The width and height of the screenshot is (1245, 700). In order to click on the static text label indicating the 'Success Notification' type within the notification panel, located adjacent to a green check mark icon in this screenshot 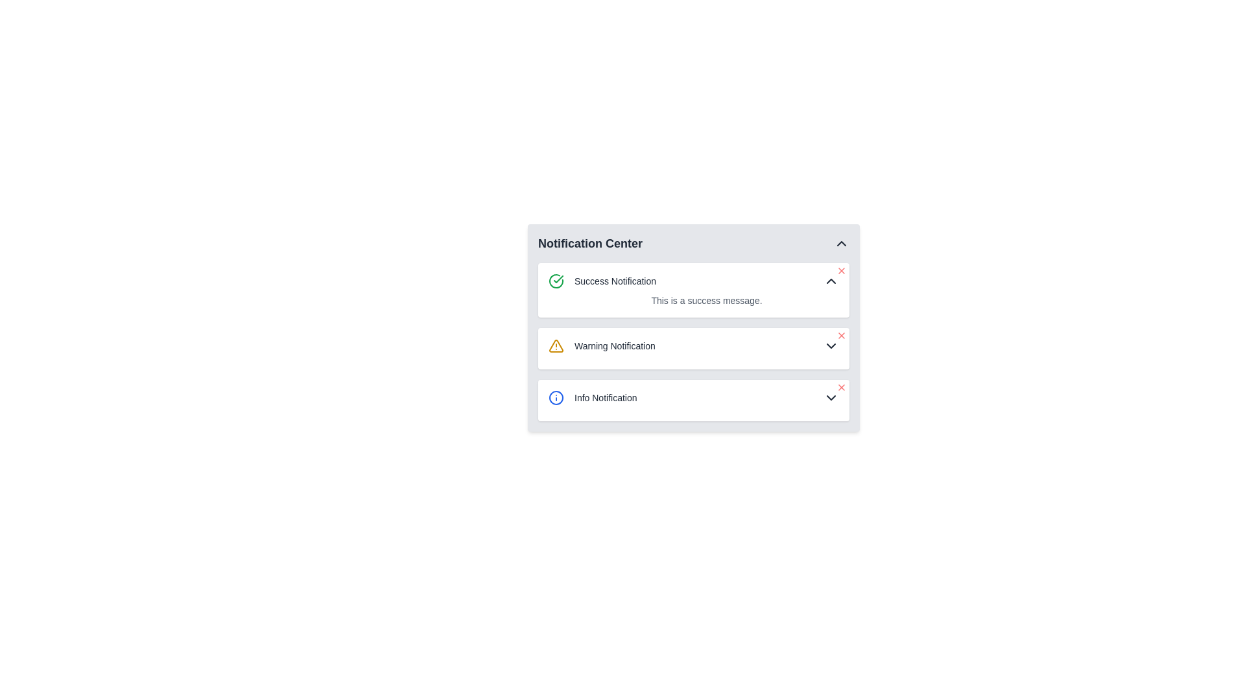, I will do `click(615, 281)`.